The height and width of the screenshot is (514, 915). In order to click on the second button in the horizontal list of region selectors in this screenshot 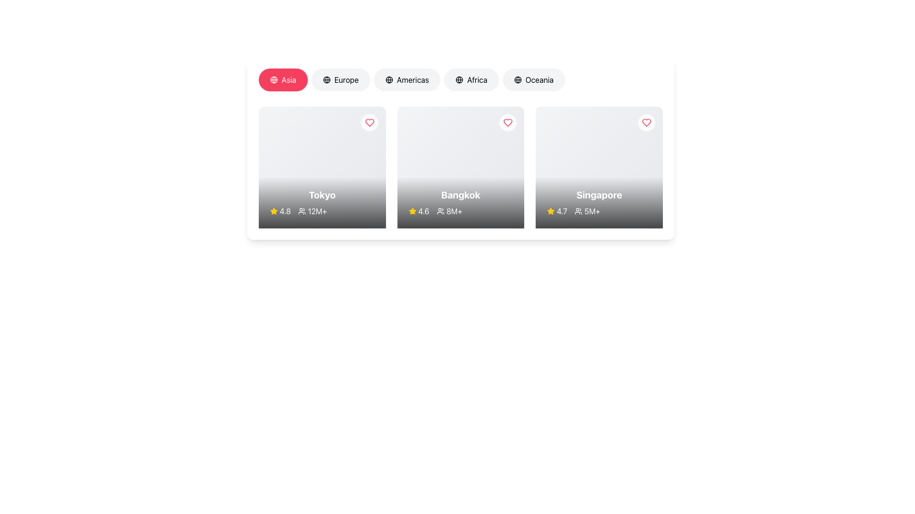, I will do `click(341, 79)`.